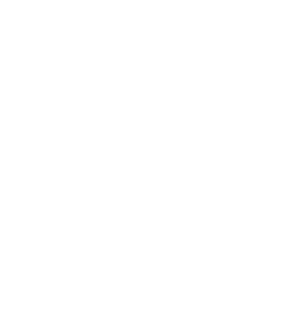  What do you see at coordinates (122, 239) in the screenshot?
I see `'Eastern Acoustic Works has launched its new SM12 Stage Monitor, which incorporates acoustic design cues from the company’s Microwedge line.'` at bounding box center [122, 239].